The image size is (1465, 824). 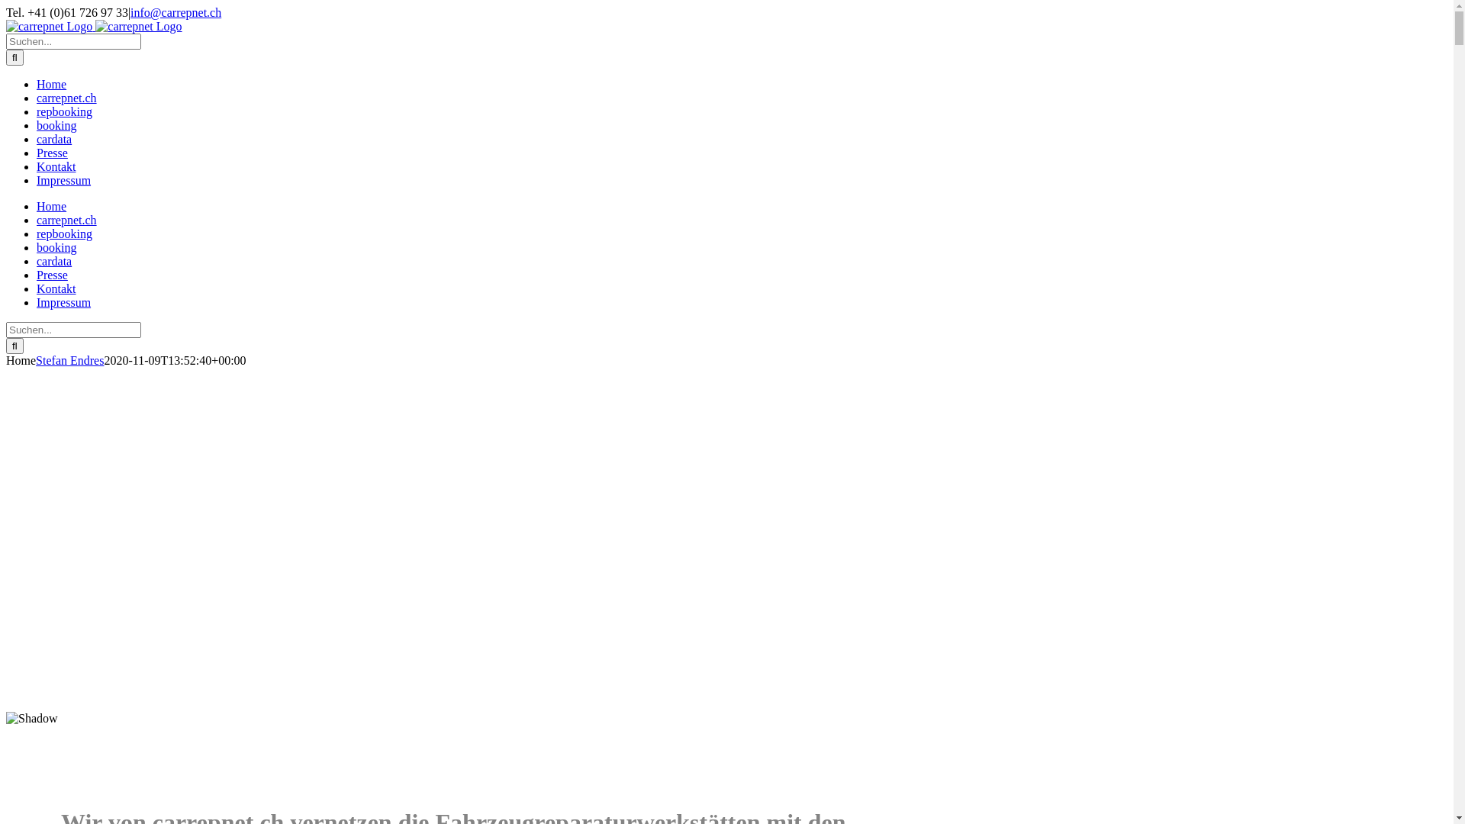 What do you see at coordinates (56, 124) in the screenshot?
I see `'booking'` at bounding box center [56, 124].